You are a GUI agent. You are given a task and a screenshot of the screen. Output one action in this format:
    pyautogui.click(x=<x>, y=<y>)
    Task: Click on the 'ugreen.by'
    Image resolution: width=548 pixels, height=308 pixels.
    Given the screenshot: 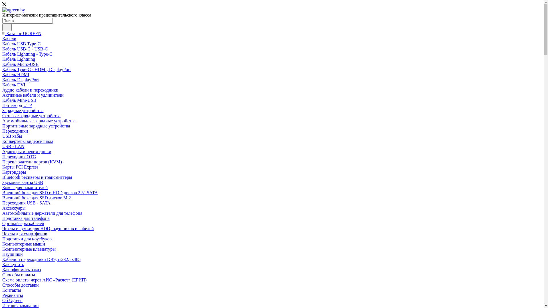 What is the action you would take?
    pyautogui.click(x=2, y=10)
    